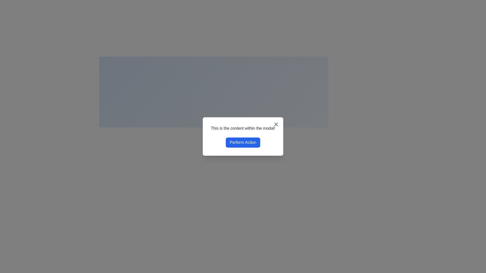 The image size is (486, 273). I want to click on the diagonal cross ('X') symbol in the top-right corner of the modal window, so click(276, 124).